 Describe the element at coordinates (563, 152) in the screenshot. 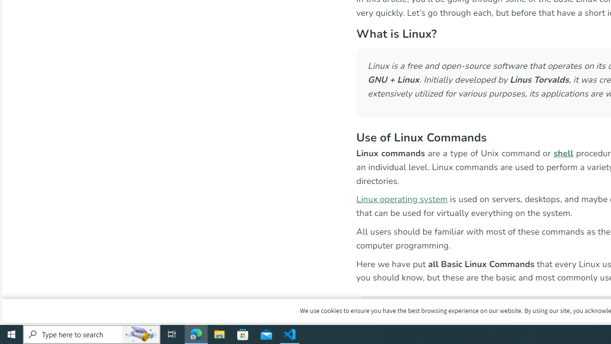

I see `'shell'` at that location.